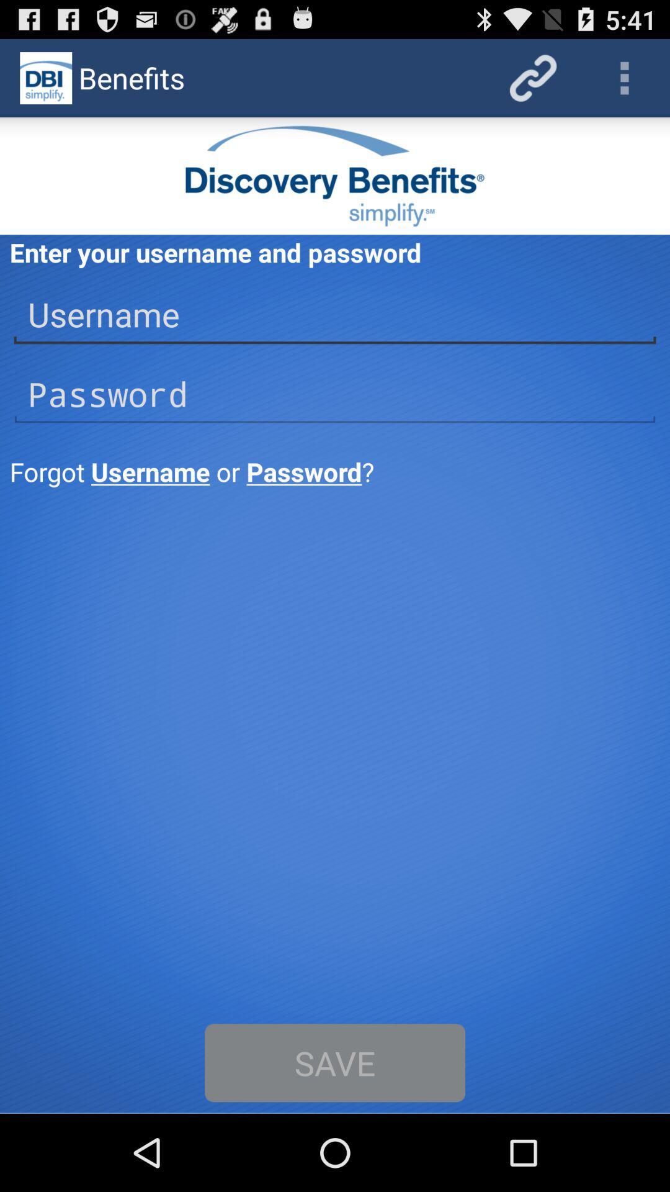  I want to click on username above password, so click(335, 315).